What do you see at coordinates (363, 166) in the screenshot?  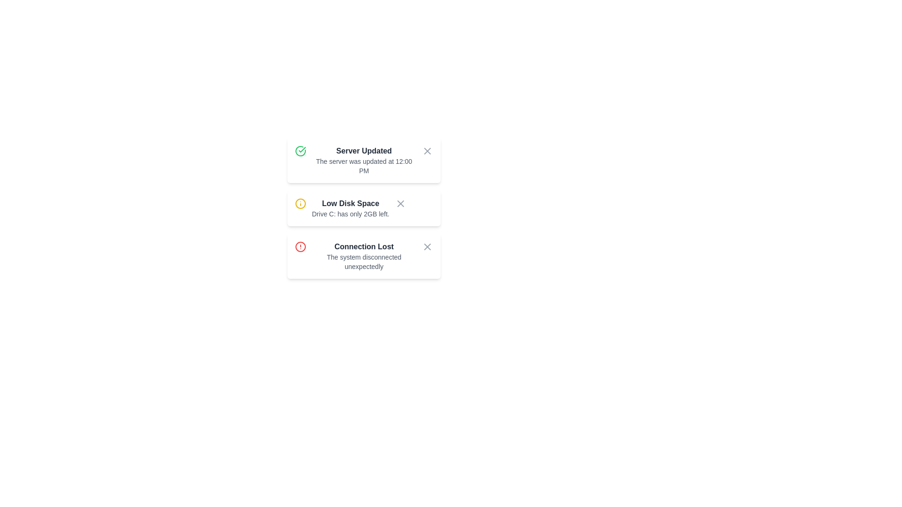 I see `the text label displaying the message 'The server was updated at 12:00 PM', which is centered beneath the bold title 'Server Updated'` at bounding box center [363, 166].